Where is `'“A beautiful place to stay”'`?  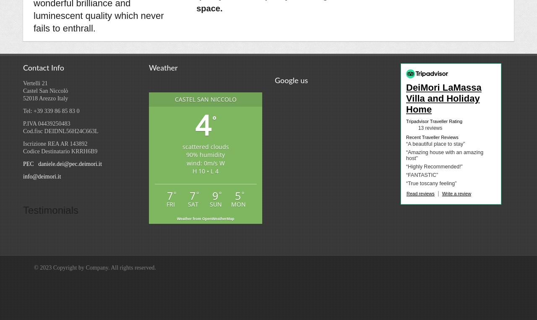
'“A beautiful place to stay”' is located at coordinates (435, 143).